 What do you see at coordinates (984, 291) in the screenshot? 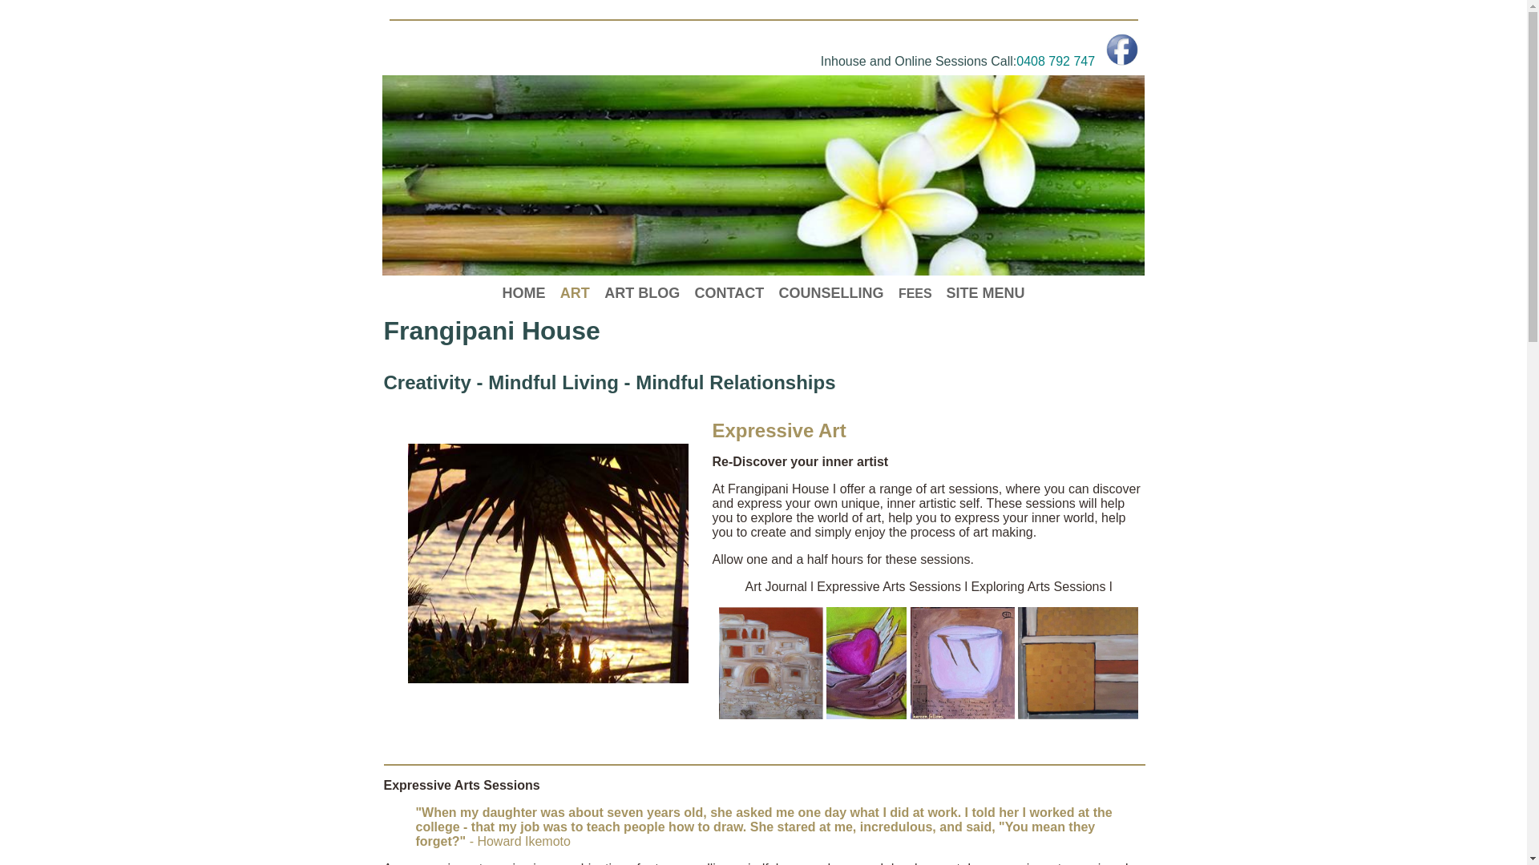
I see `'SITE MENU'` at bounding box center [984, 291].